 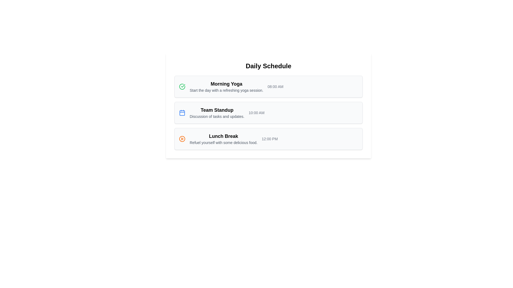 I want to click on the text element displaying 'Discussion of tasks and updates.' which is located below the 'Team Standup' title, so click(x=217, y=116).